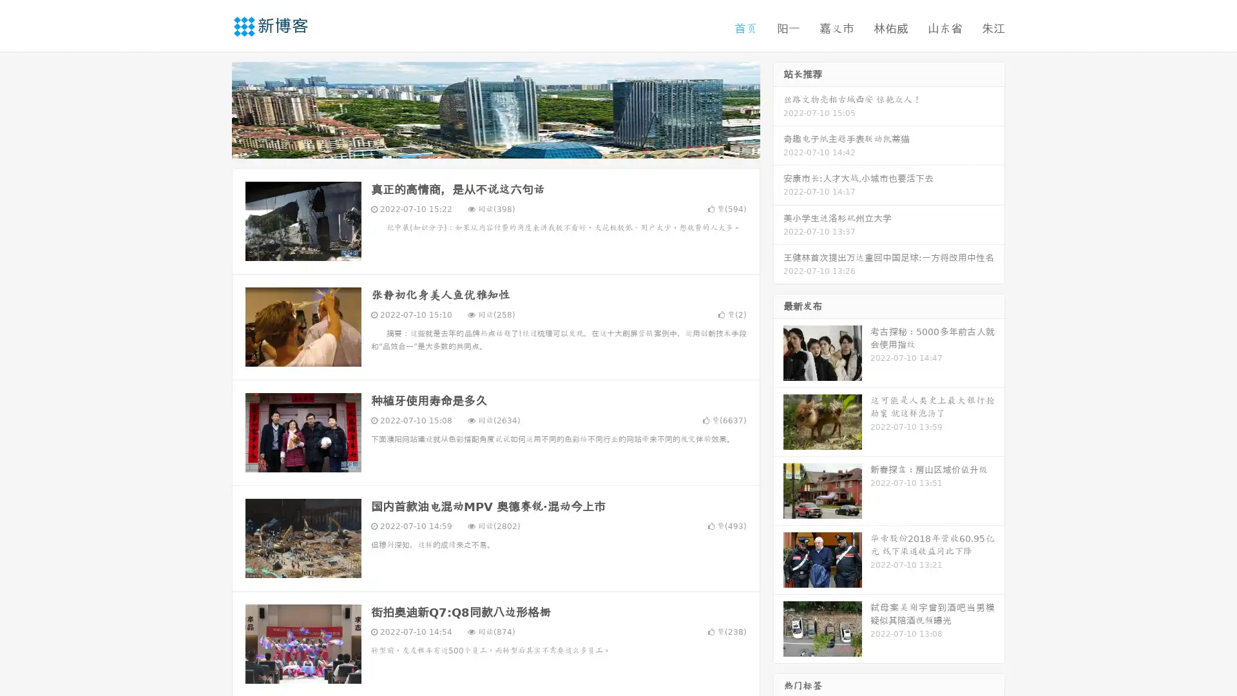  What do you see at coordinates (778, 108) in the screenshot?
I see `Next slide` at bounding box center [778, 108].